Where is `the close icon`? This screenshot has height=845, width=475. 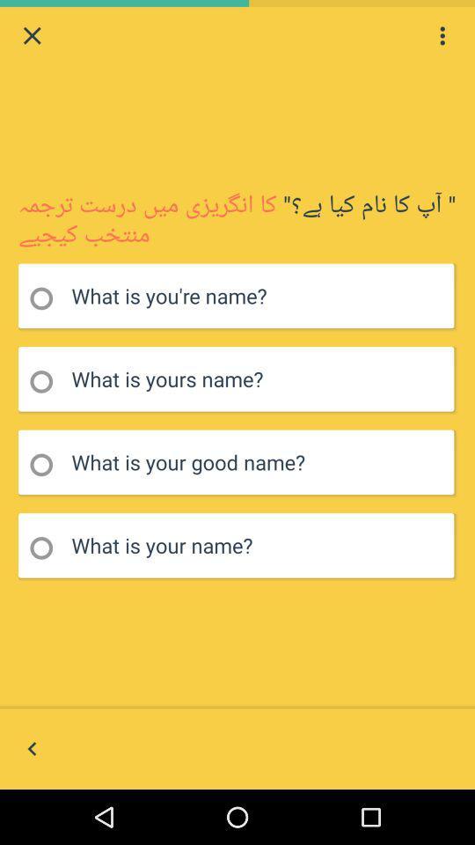
the close icon is located at coordinates (32, 37).